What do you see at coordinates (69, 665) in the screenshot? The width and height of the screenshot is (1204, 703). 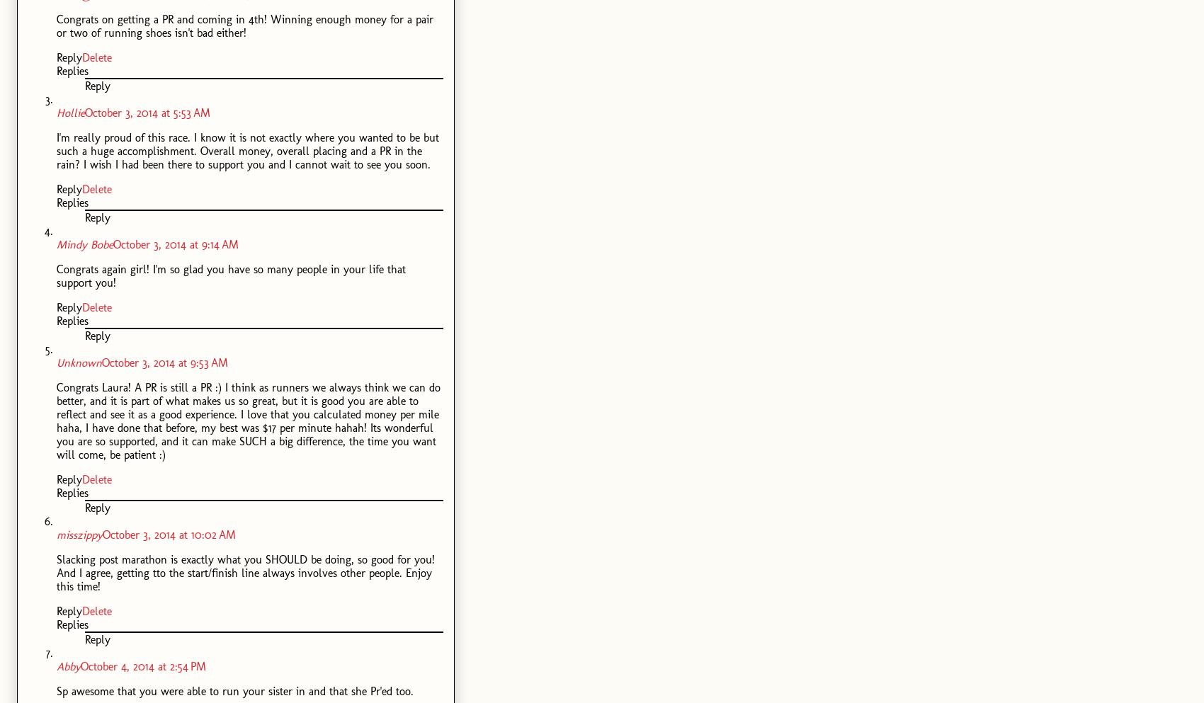 I see `'Abby'` at bounding box center [69, 665].